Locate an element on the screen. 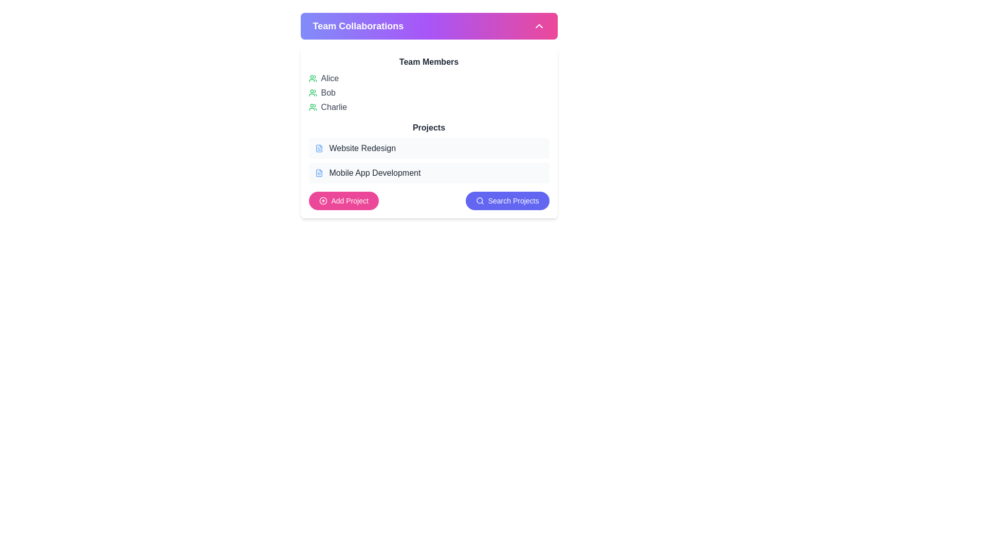  the small circular component of the search icon resembling a magnifying glass handle, located towards the top-right of the interface is located at coordinates (479, 200).